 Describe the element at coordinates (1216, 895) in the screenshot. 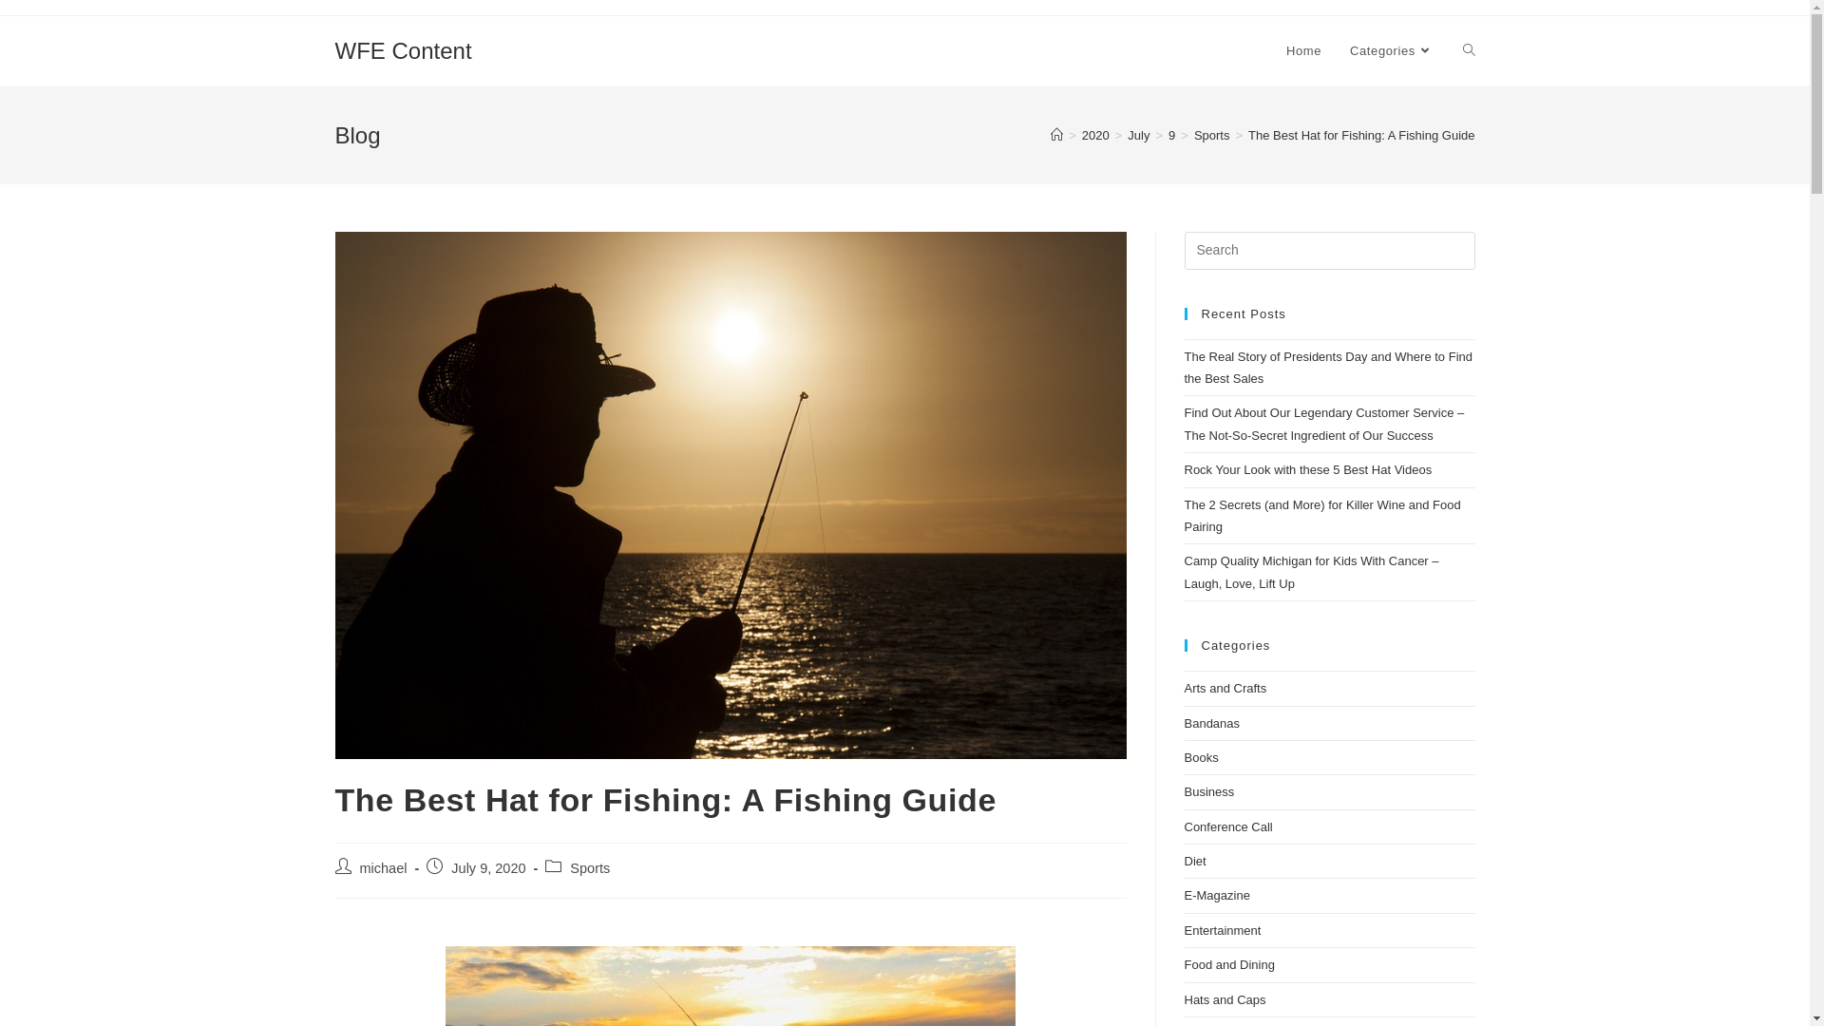

I see `'E-Magazine'` at that location.